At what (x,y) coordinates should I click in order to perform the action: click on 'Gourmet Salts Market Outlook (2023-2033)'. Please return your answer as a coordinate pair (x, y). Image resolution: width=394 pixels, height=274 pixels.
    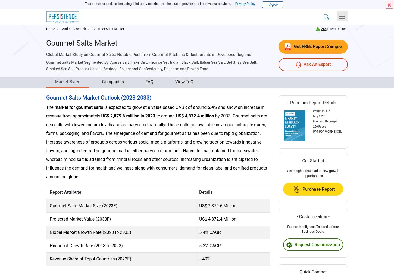
    Looking at the image, I should click on (46, 97).